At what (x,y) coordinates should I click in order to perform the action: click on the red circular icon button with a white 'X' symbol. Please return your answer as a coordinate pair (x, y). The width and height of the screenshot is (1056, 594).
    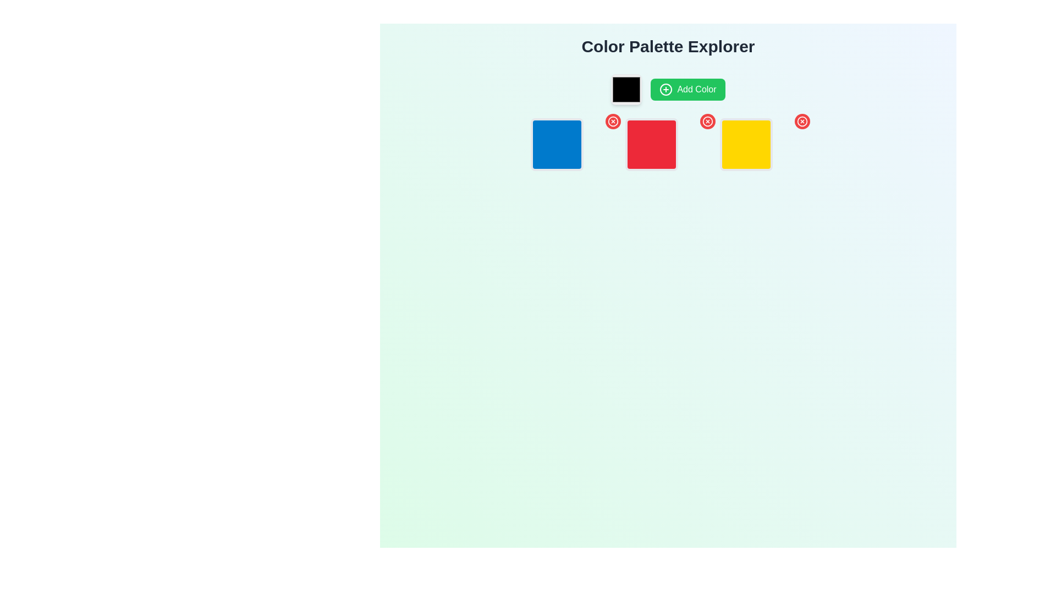
    Looking at the image, I should click on (707, 121).